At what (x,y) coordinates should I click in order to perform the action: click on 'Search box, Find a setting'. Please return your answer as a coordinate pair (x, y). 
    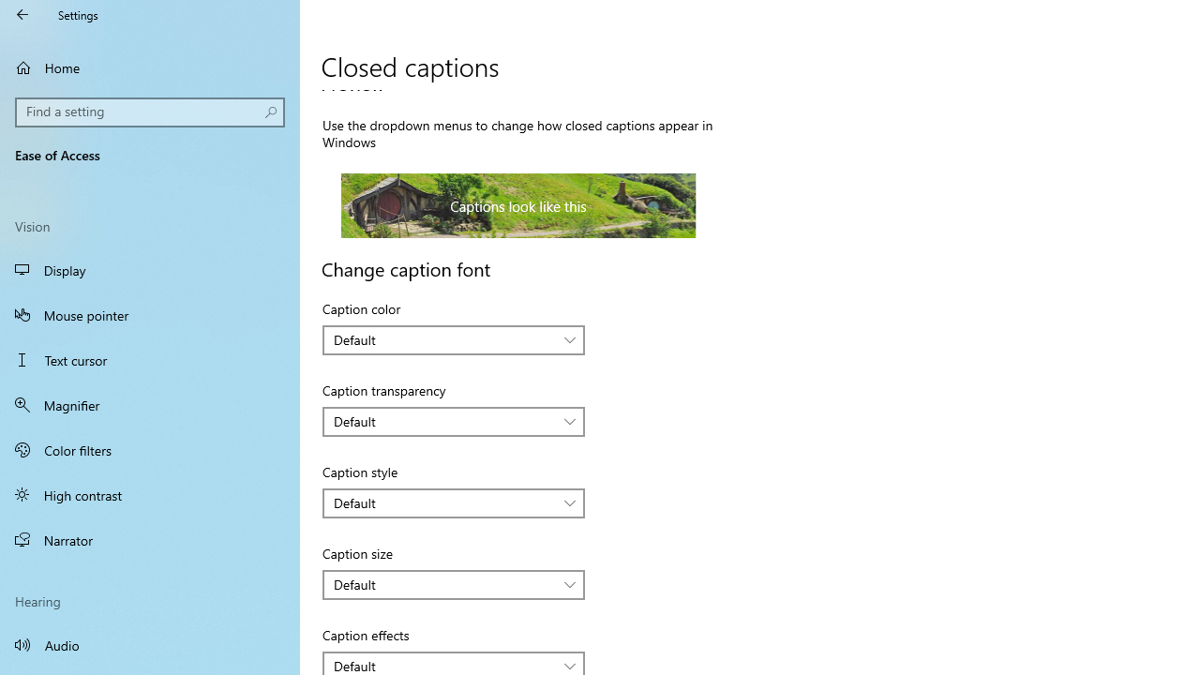
    Looking at the image, I should click on (150, 112).